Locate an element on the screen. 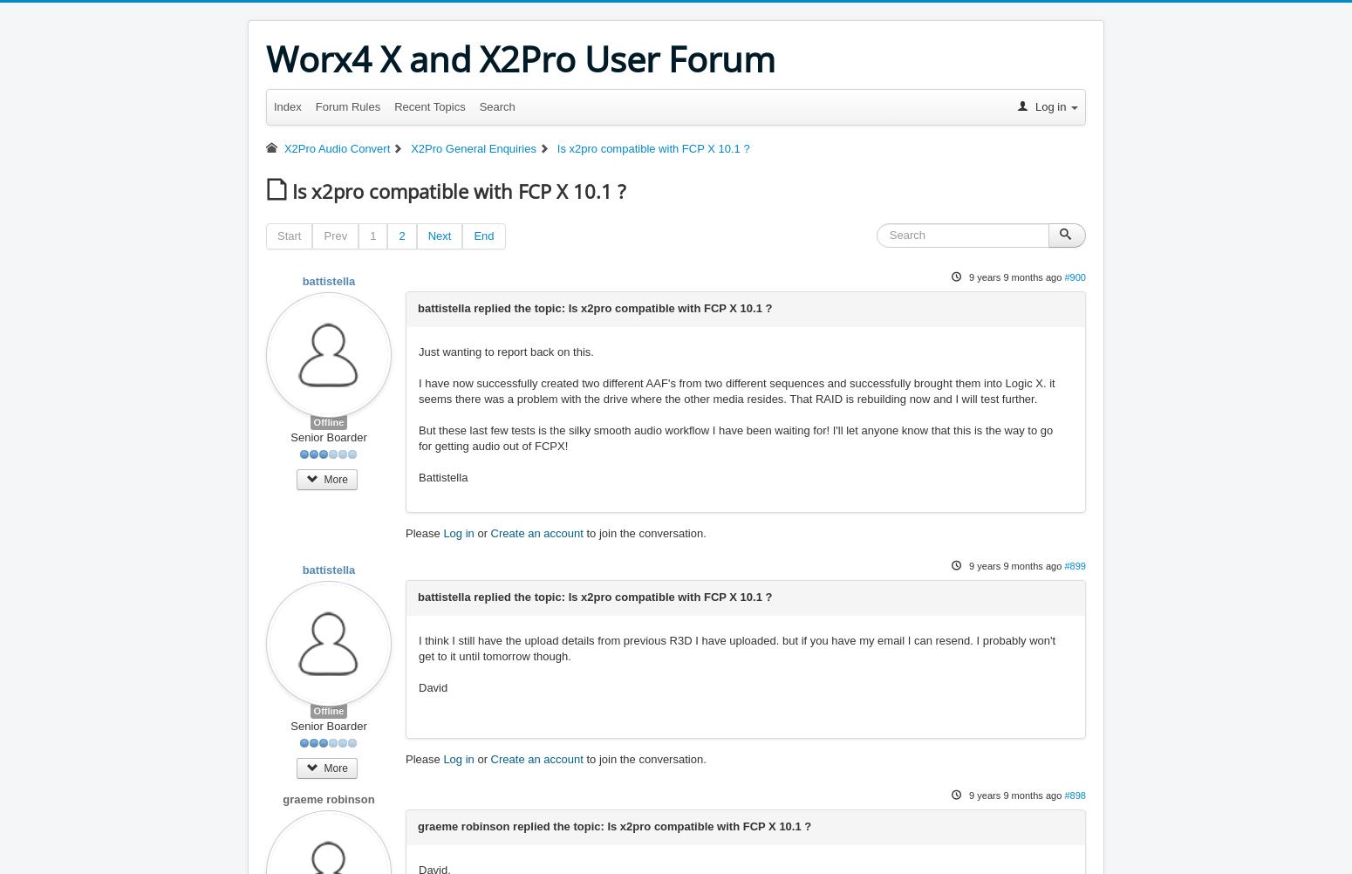  '#900' is located at coordinates (1075, 277).